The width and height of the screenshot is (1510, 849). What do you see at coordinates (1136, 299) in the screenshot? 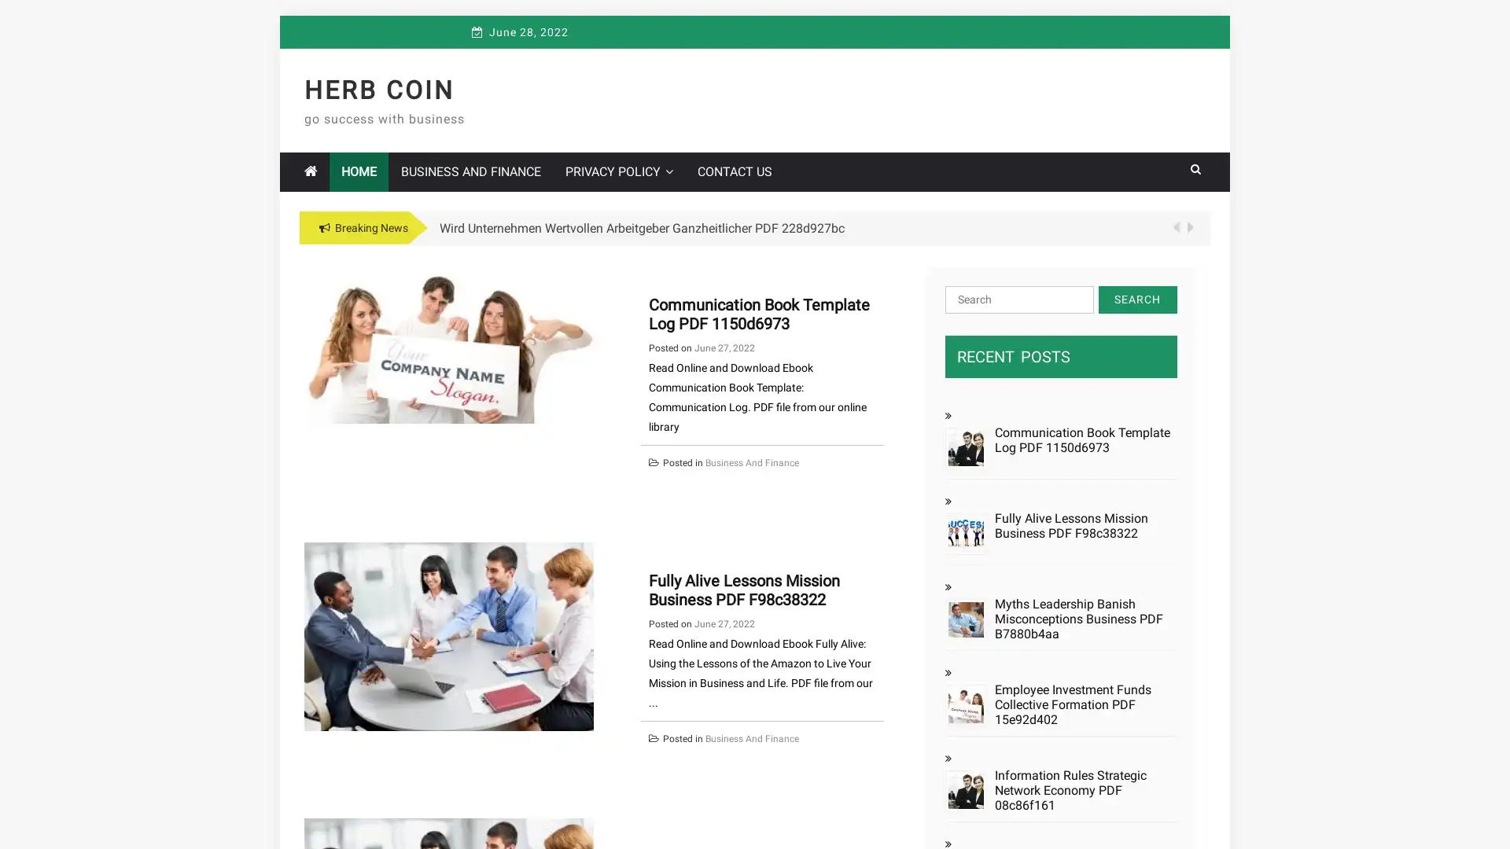
I see `Search` at bounding box center [1136, 299].